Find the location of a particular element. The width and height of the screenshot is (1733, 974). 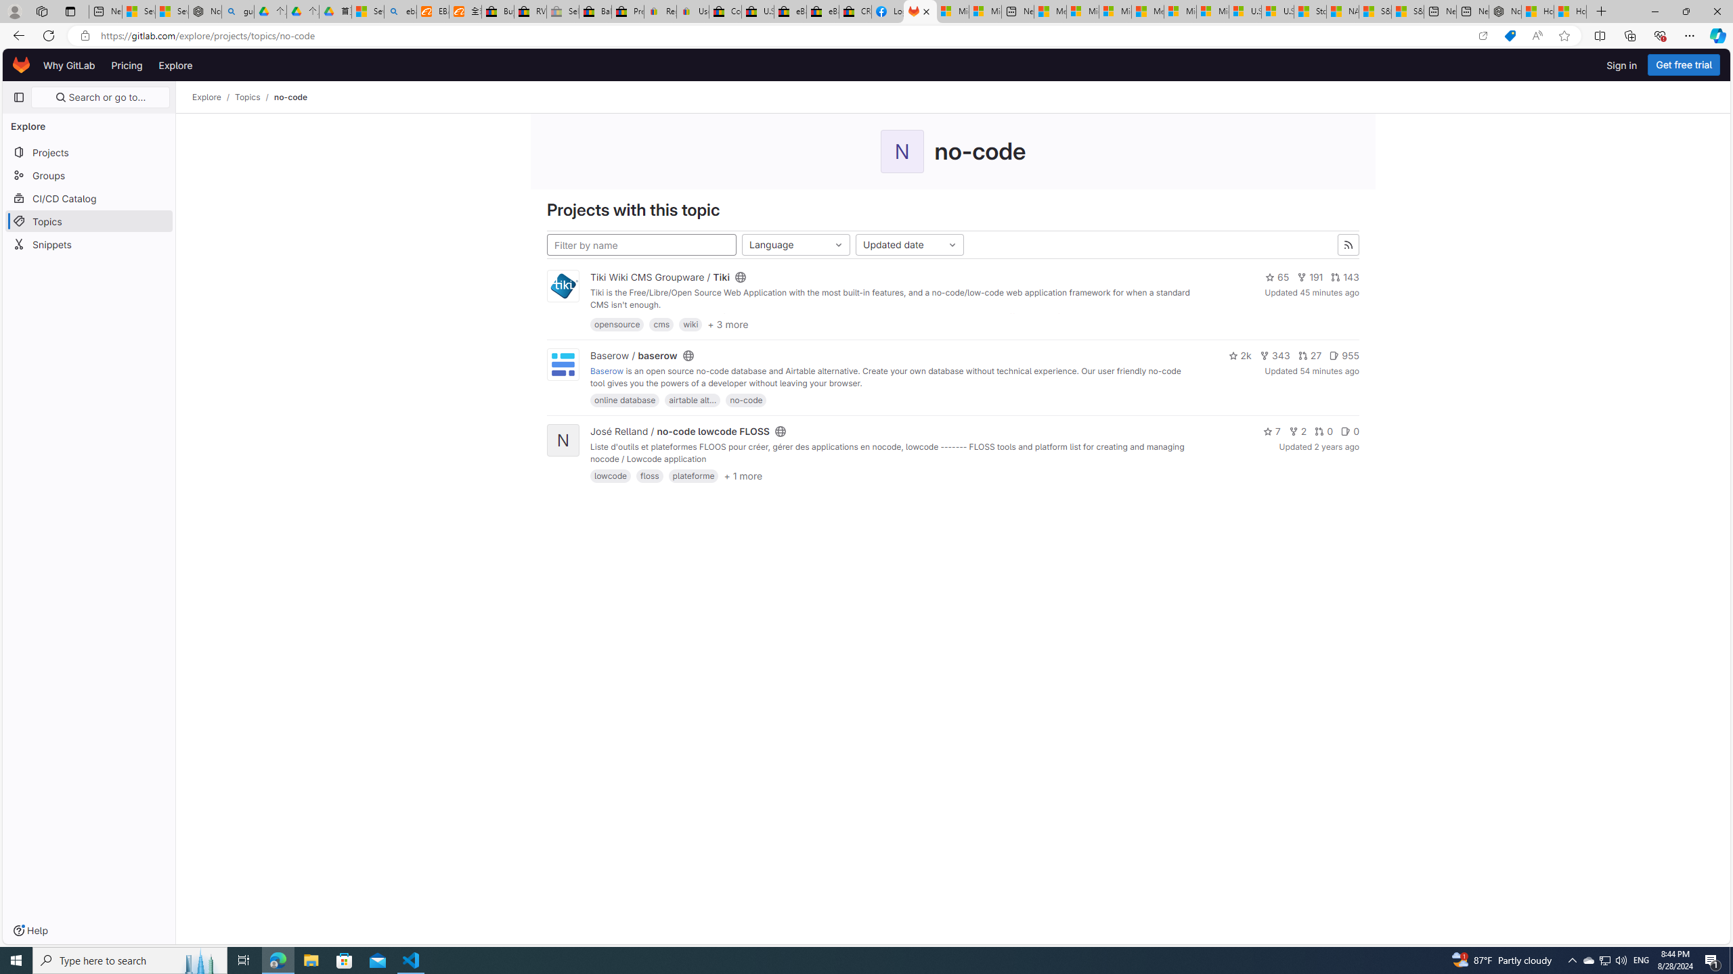

'Pricing' is located at coordinates (127, 64).